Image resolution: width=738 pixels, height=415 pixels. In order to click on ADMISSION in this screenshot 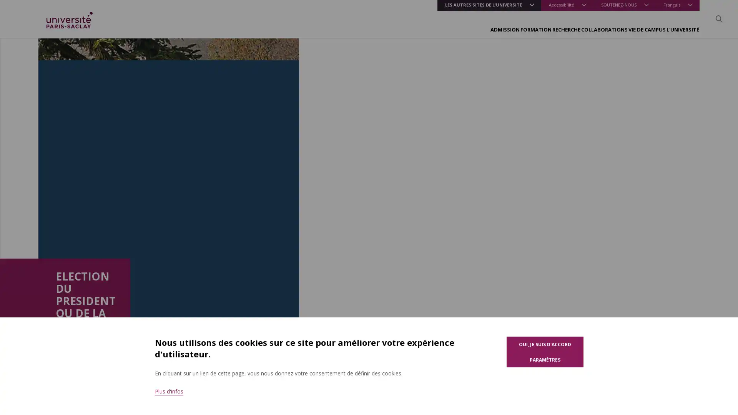, I will do `click(384, 26)`.